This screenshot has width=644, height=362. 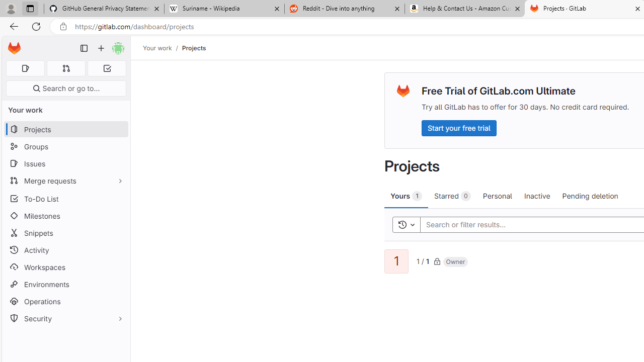 I want to click on 'Pending deletion', so click(x=590, y=196).